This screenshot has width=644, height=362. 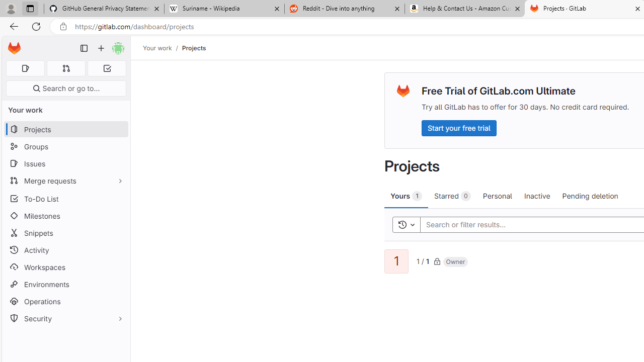 I want to click on 'Pending deletion', so click(x=590, y=196).